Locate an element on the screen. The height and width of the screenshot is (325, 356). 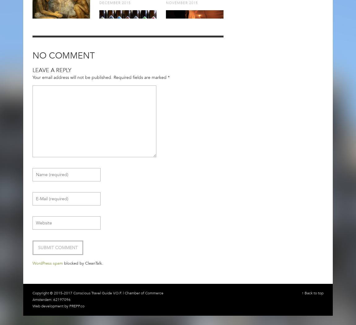
'↑	Back to top' is located at coordinates (313, 292).